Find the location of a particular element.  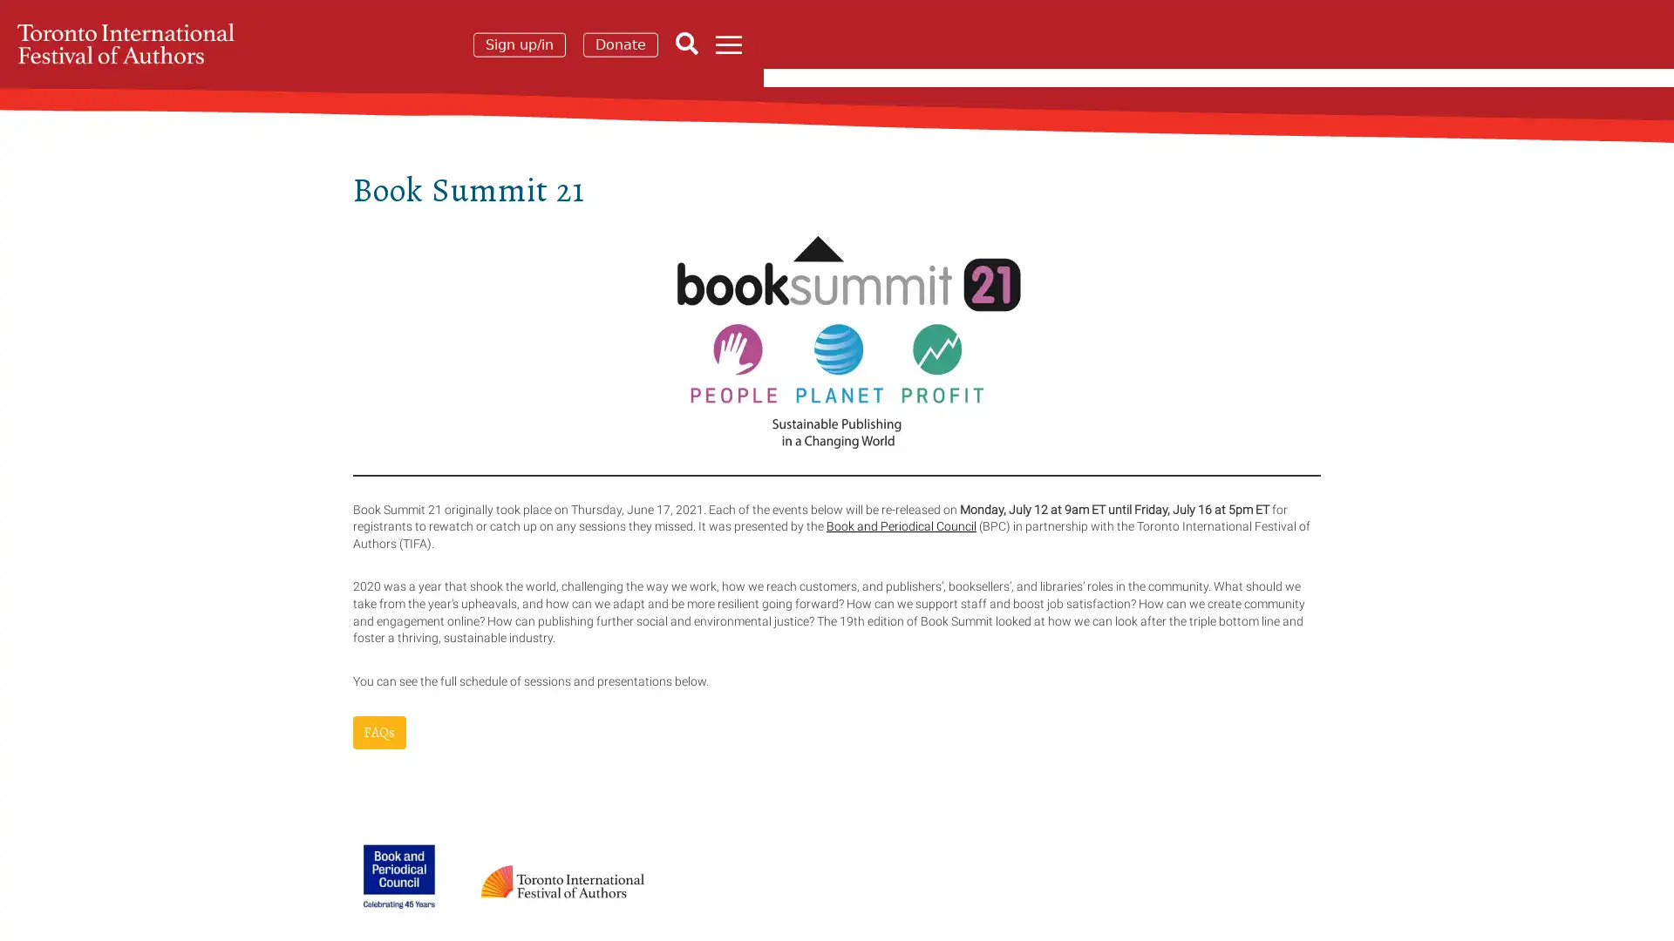

FAQs is located at coordinates (378, 732).